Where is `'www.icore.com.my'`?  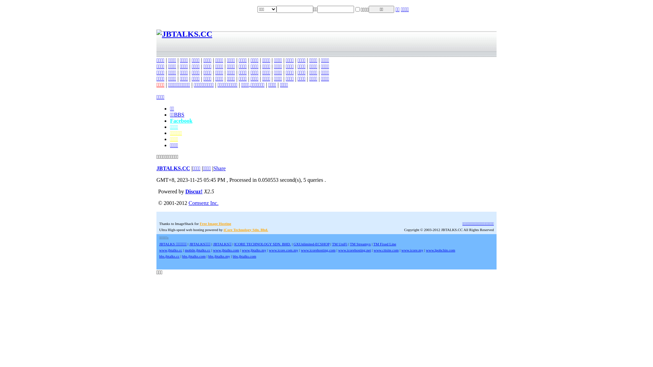
'www.icore.com.my' is located at coordinates (284, 250).